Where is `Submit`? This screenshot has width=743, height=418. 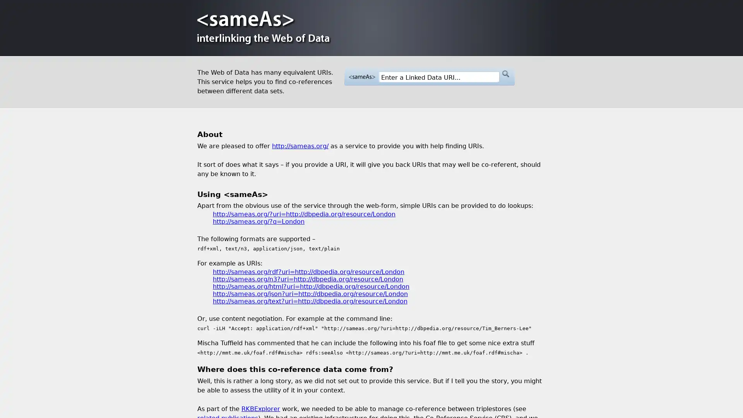
Submit is located at coordinates (505, 74).